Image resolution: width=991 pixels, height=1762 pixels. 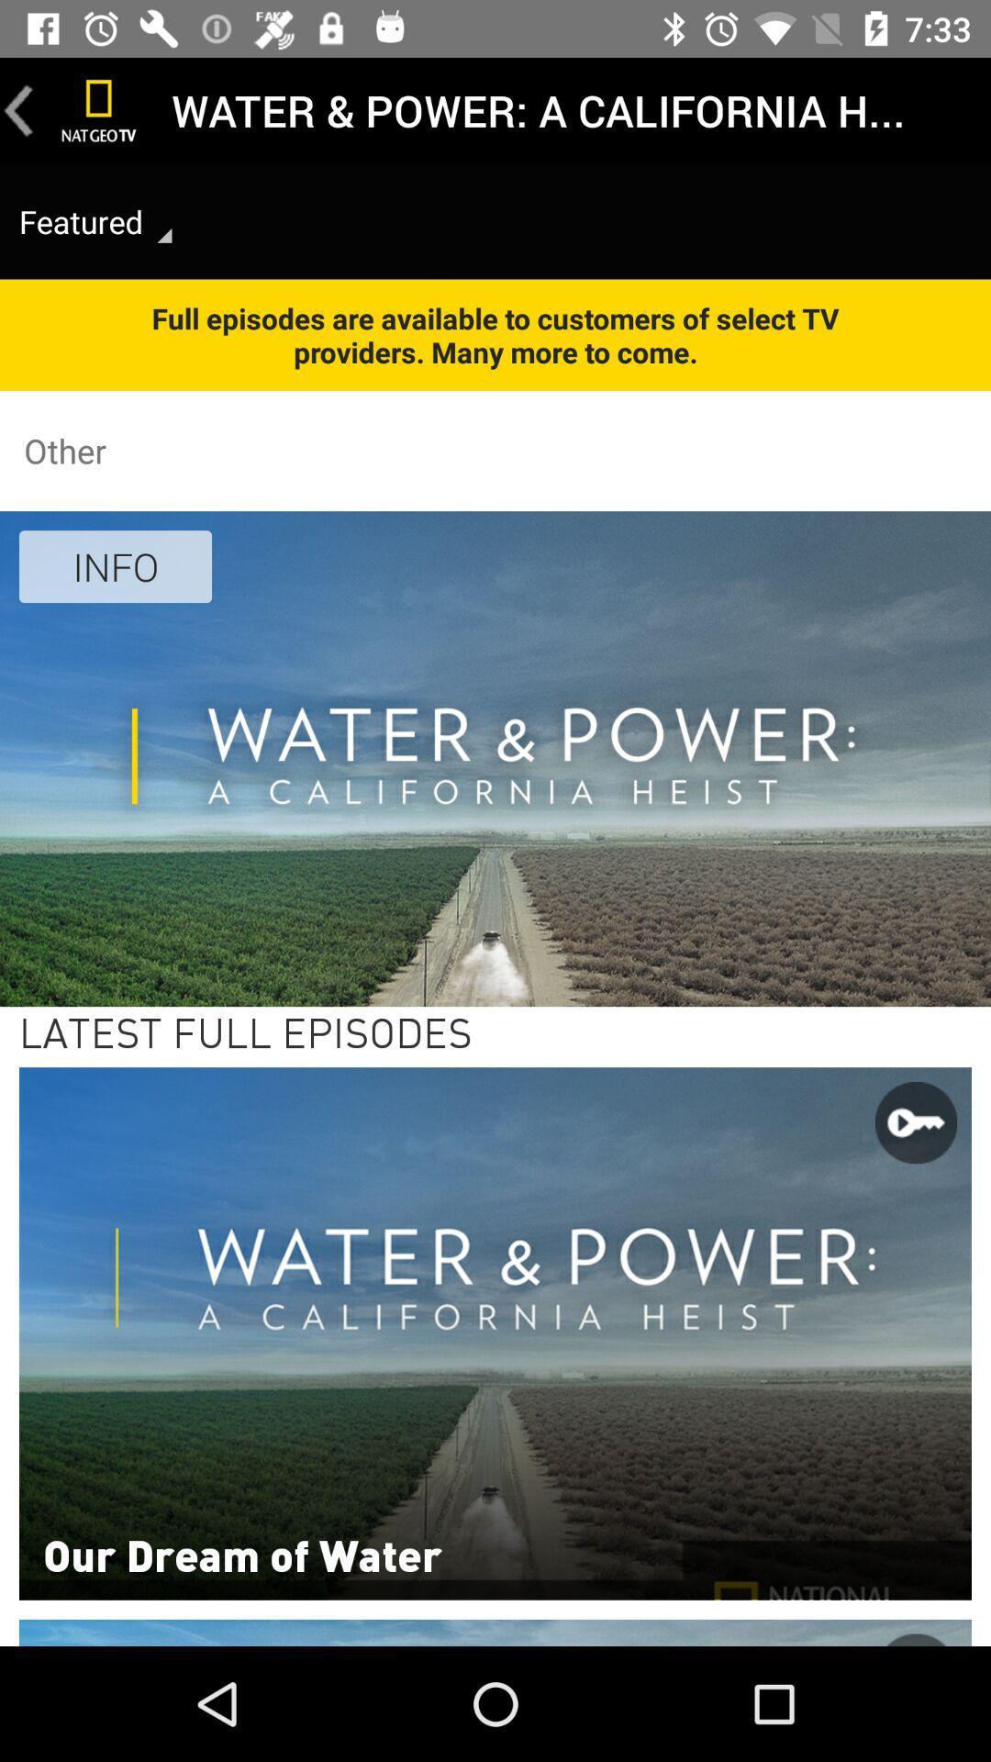 What do you see at coordinates (18, 109) in the screenshot?
I see `previous` at bounding box center [18, 109].